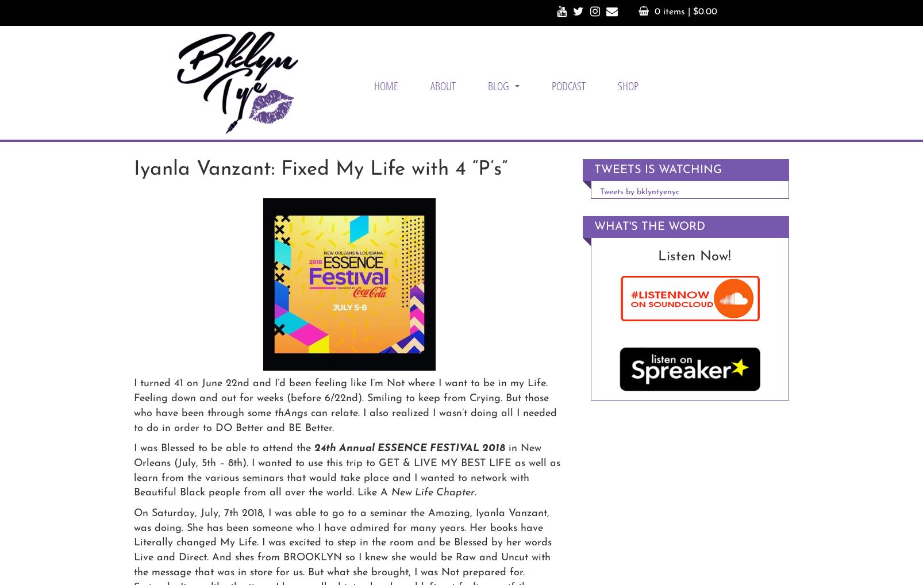  Describe the element at coordinates (409, 448) in the screenshot. I see `'24th Annual ESSENCE FESTIVAL 2018'` at that location.